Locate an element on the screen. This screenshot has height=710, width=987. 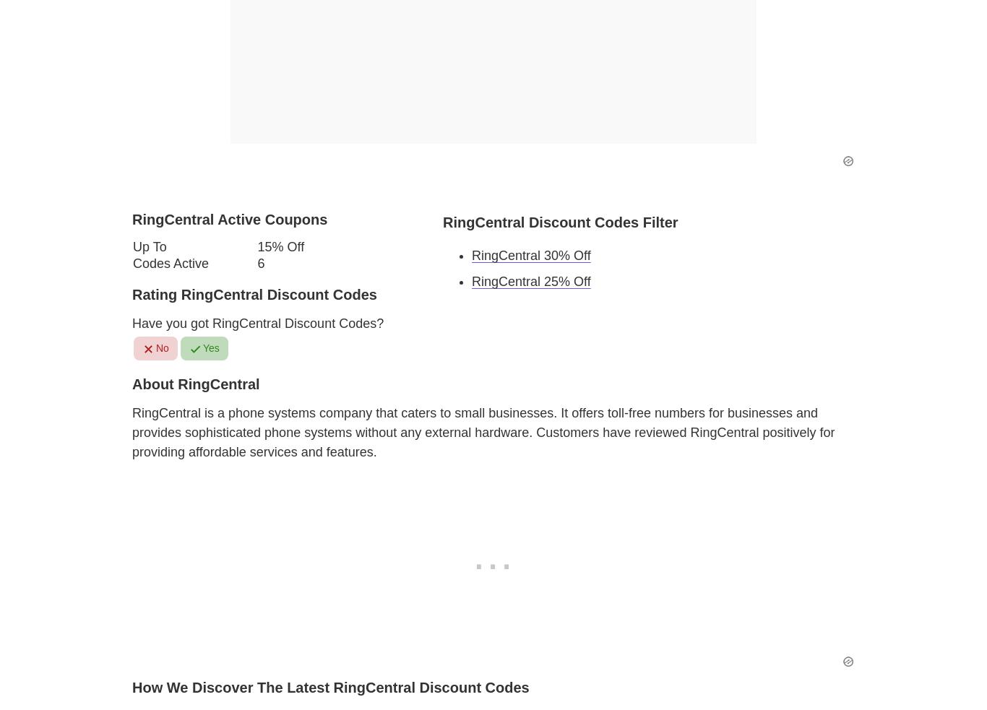
'6' is located at coordinates (260, 262).